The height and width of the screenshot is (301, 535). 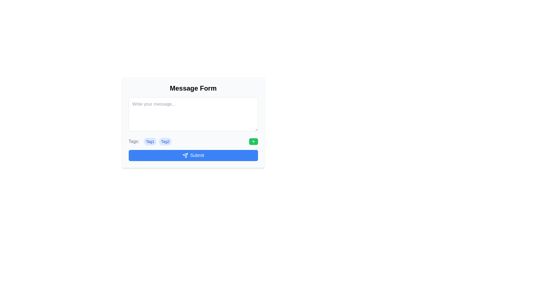 I want to click on the 'Submit' button with a blue background and white text to change its background color, so click(x=193, y=156).